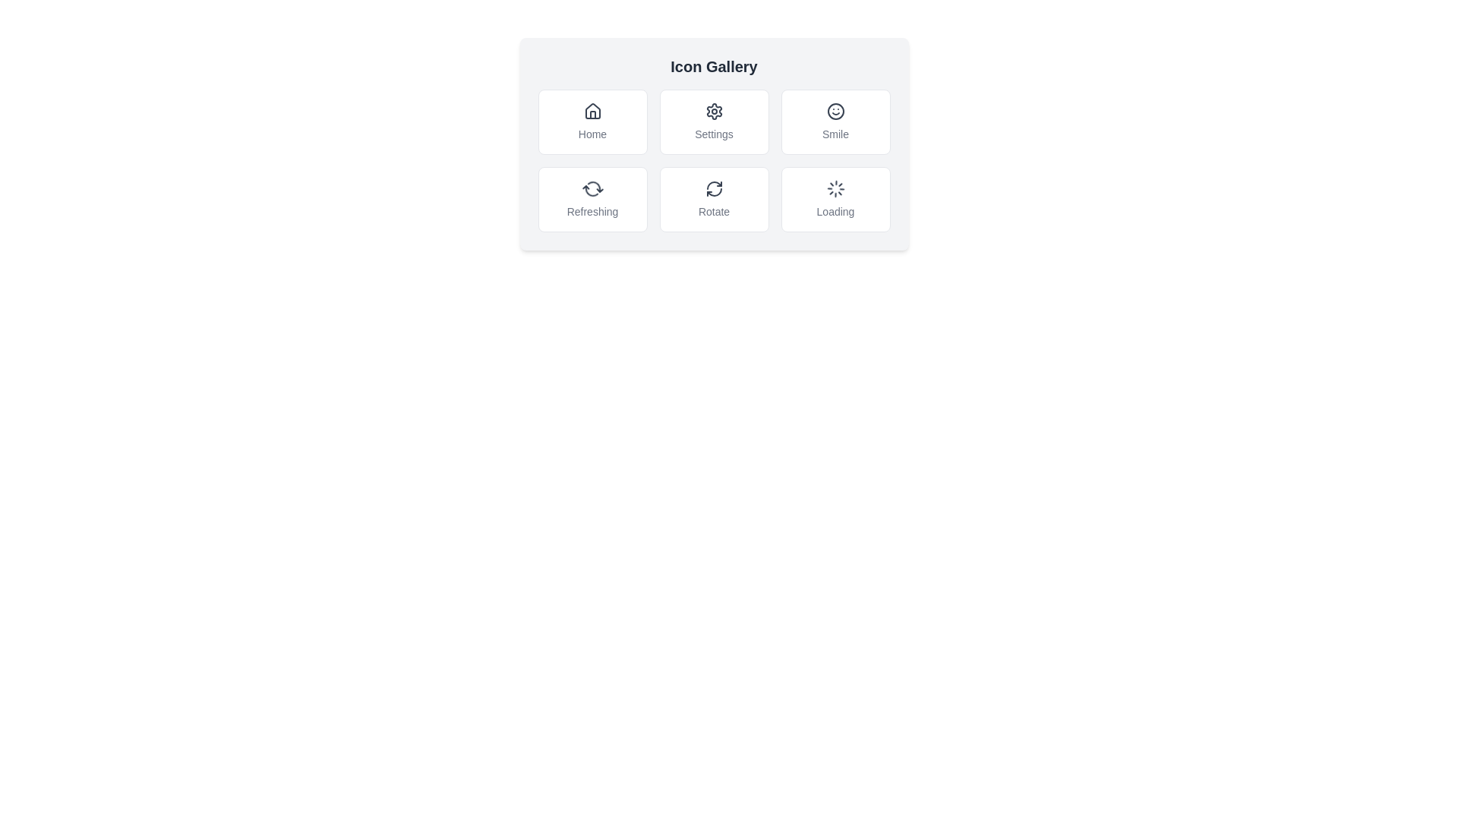  What do you see at coordinates (835, 188) in the screenshot?
I see `the Spinning Loader Icon located in the lower-right corner of the 'Icon Gallery' section, beneath 'Smile' and to the right of 'Rotate'` at bounding box center [835, 188].